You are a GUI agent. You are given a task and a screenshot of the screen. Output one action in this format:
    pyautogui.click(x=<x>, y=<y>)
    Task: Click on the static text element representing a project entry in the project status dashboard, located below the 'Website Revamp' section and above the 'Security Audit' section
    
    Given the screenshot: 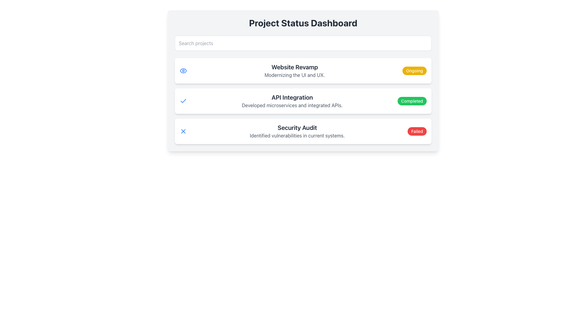 What is the action you would take?
    pyautogui.click(x=292, y=101)
    